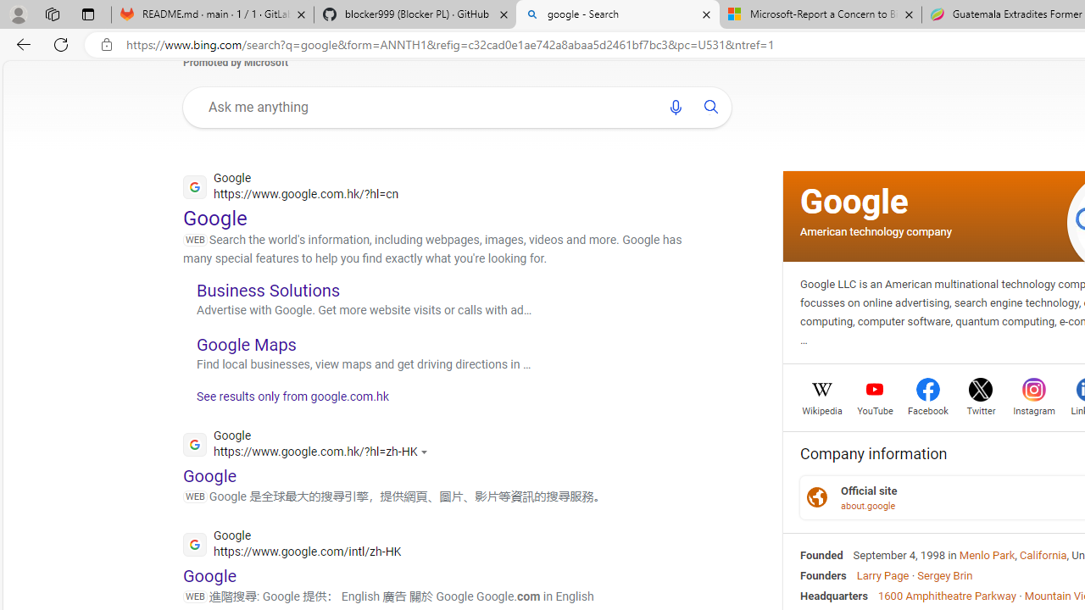  What do you see at coordinates (816, 496) in the screenshot?
I see `'Class: sp-ofsite'` at bounding box center [816, 496].